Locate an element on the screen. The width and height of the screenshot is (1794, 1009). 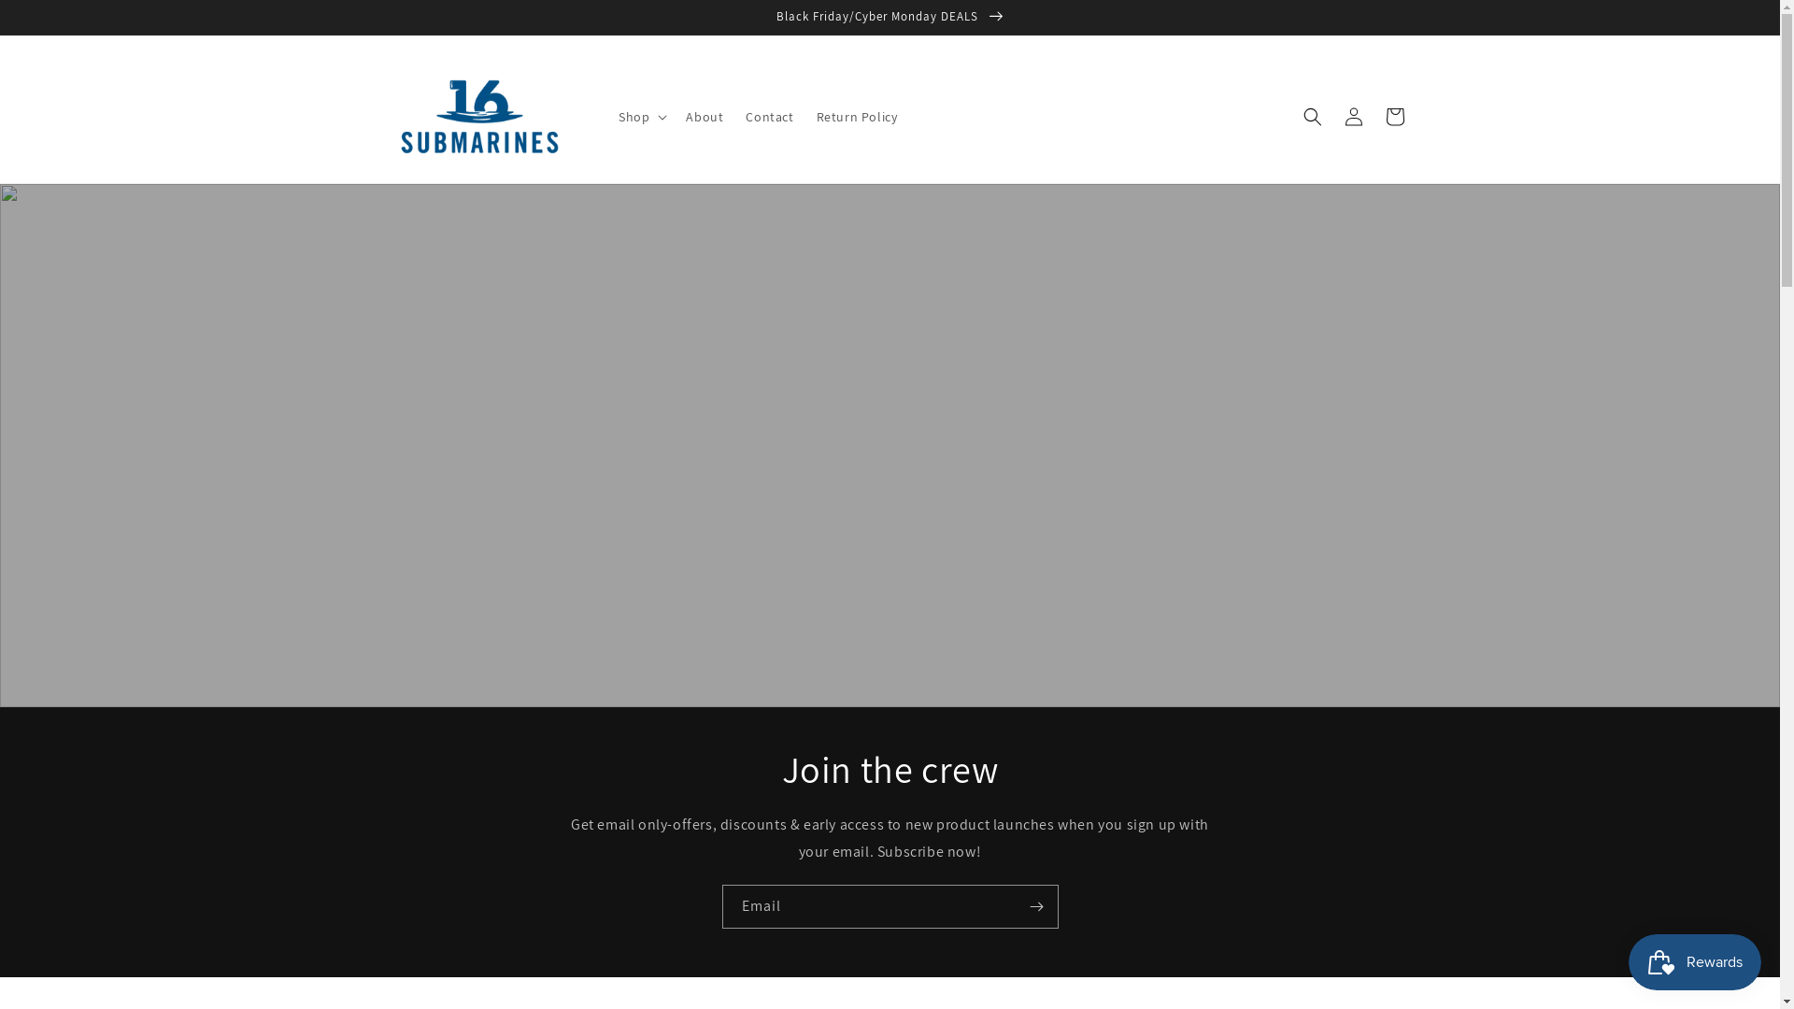
'About' is located at coordinates (703, 116).